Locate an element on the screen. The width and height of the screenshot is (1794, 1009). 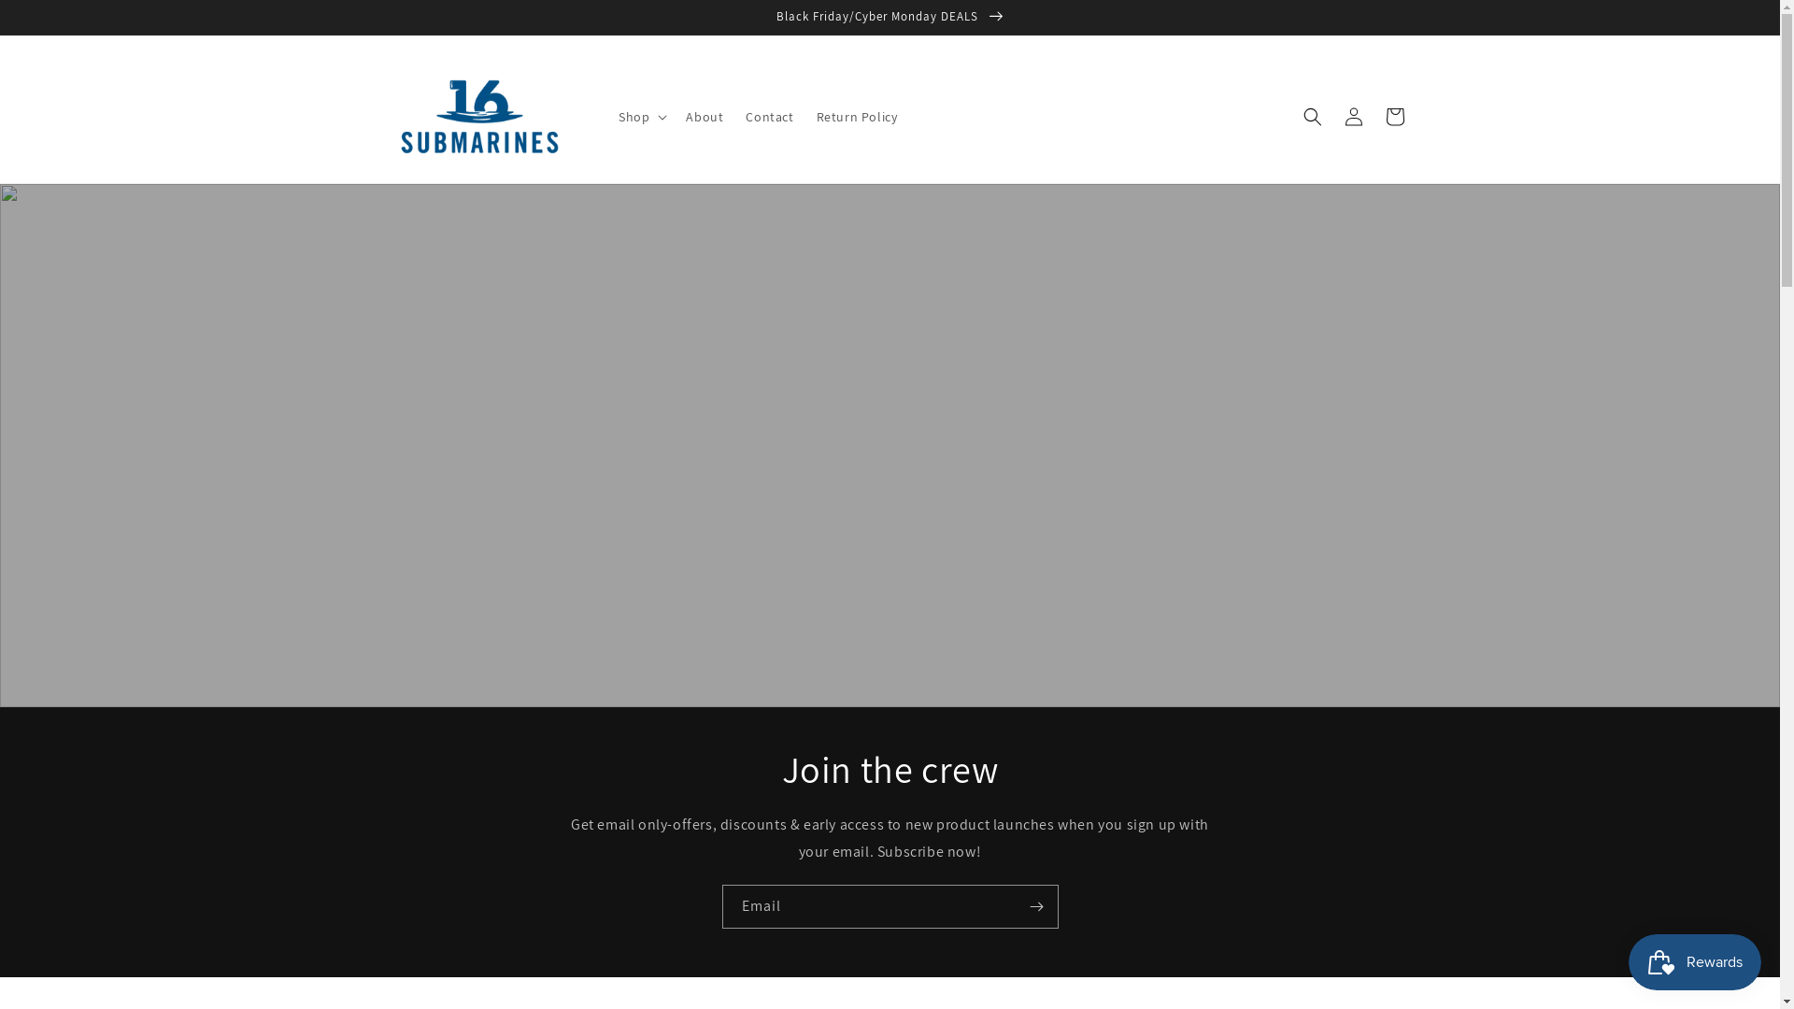
'About' is located at coordinates (703, 116).